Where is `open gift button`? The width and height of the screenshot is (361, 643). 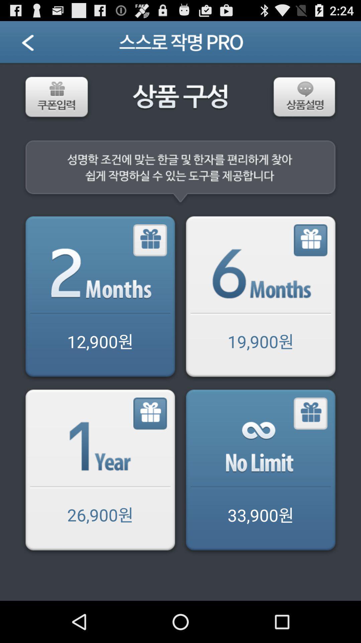
open gift button is located at coordinates (260, 297).